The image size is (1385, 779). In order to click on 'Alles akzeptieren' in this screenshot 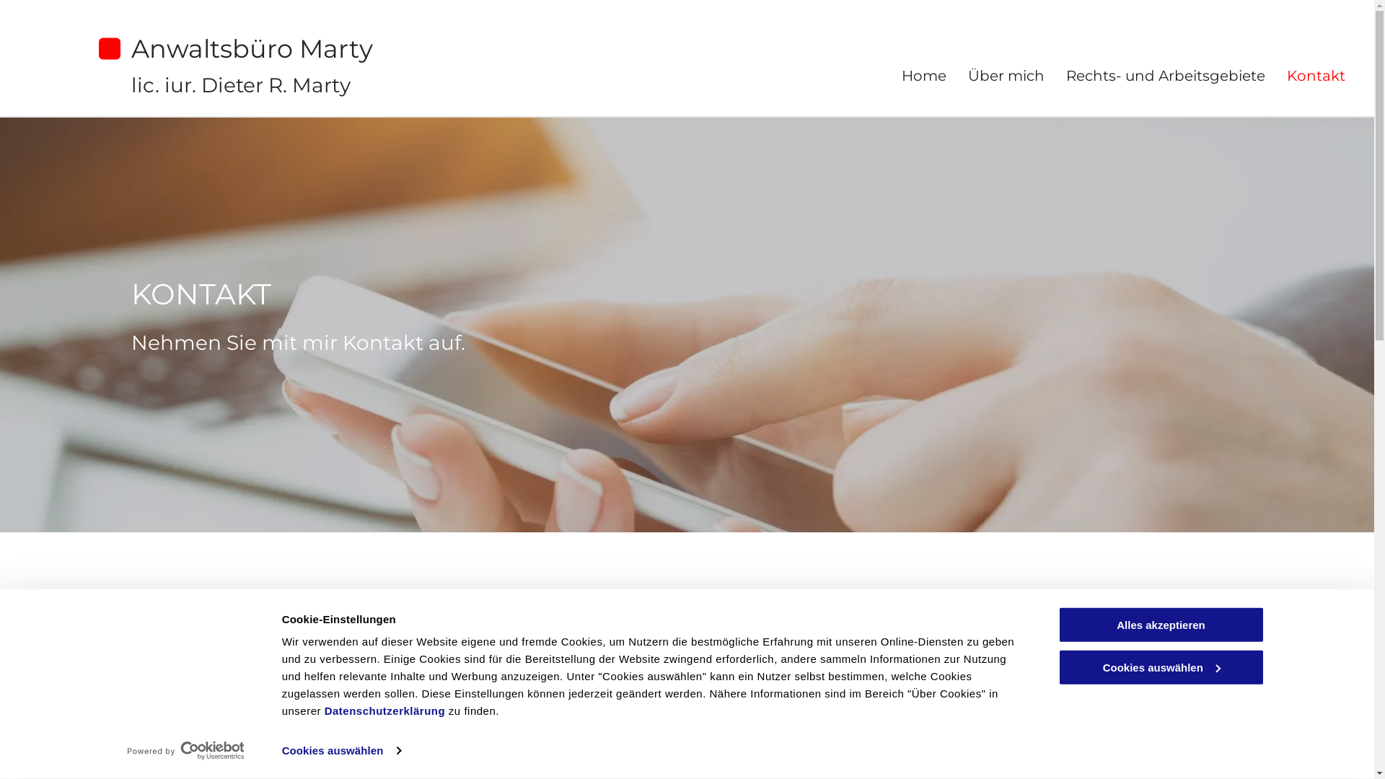, I will do `click(1160, 624)`.